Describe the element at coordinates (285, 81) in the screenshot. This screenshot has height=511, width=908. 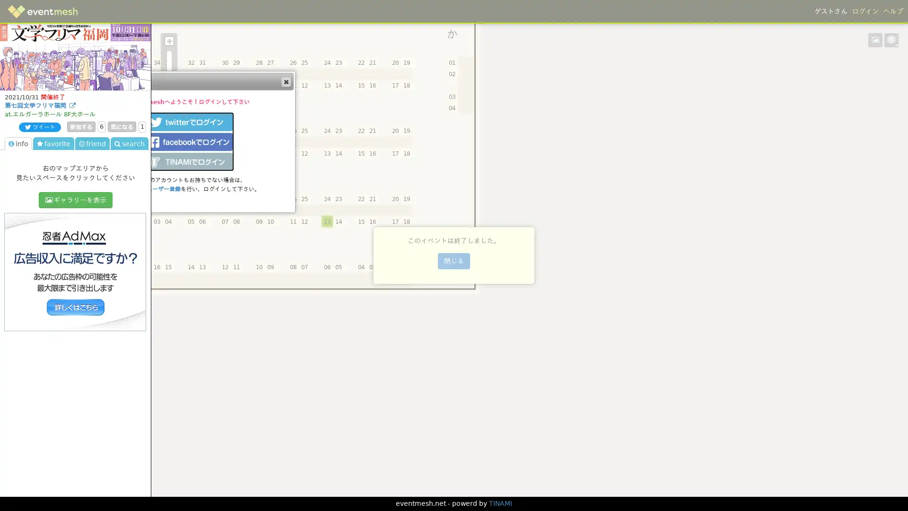
I see `close` at that location.